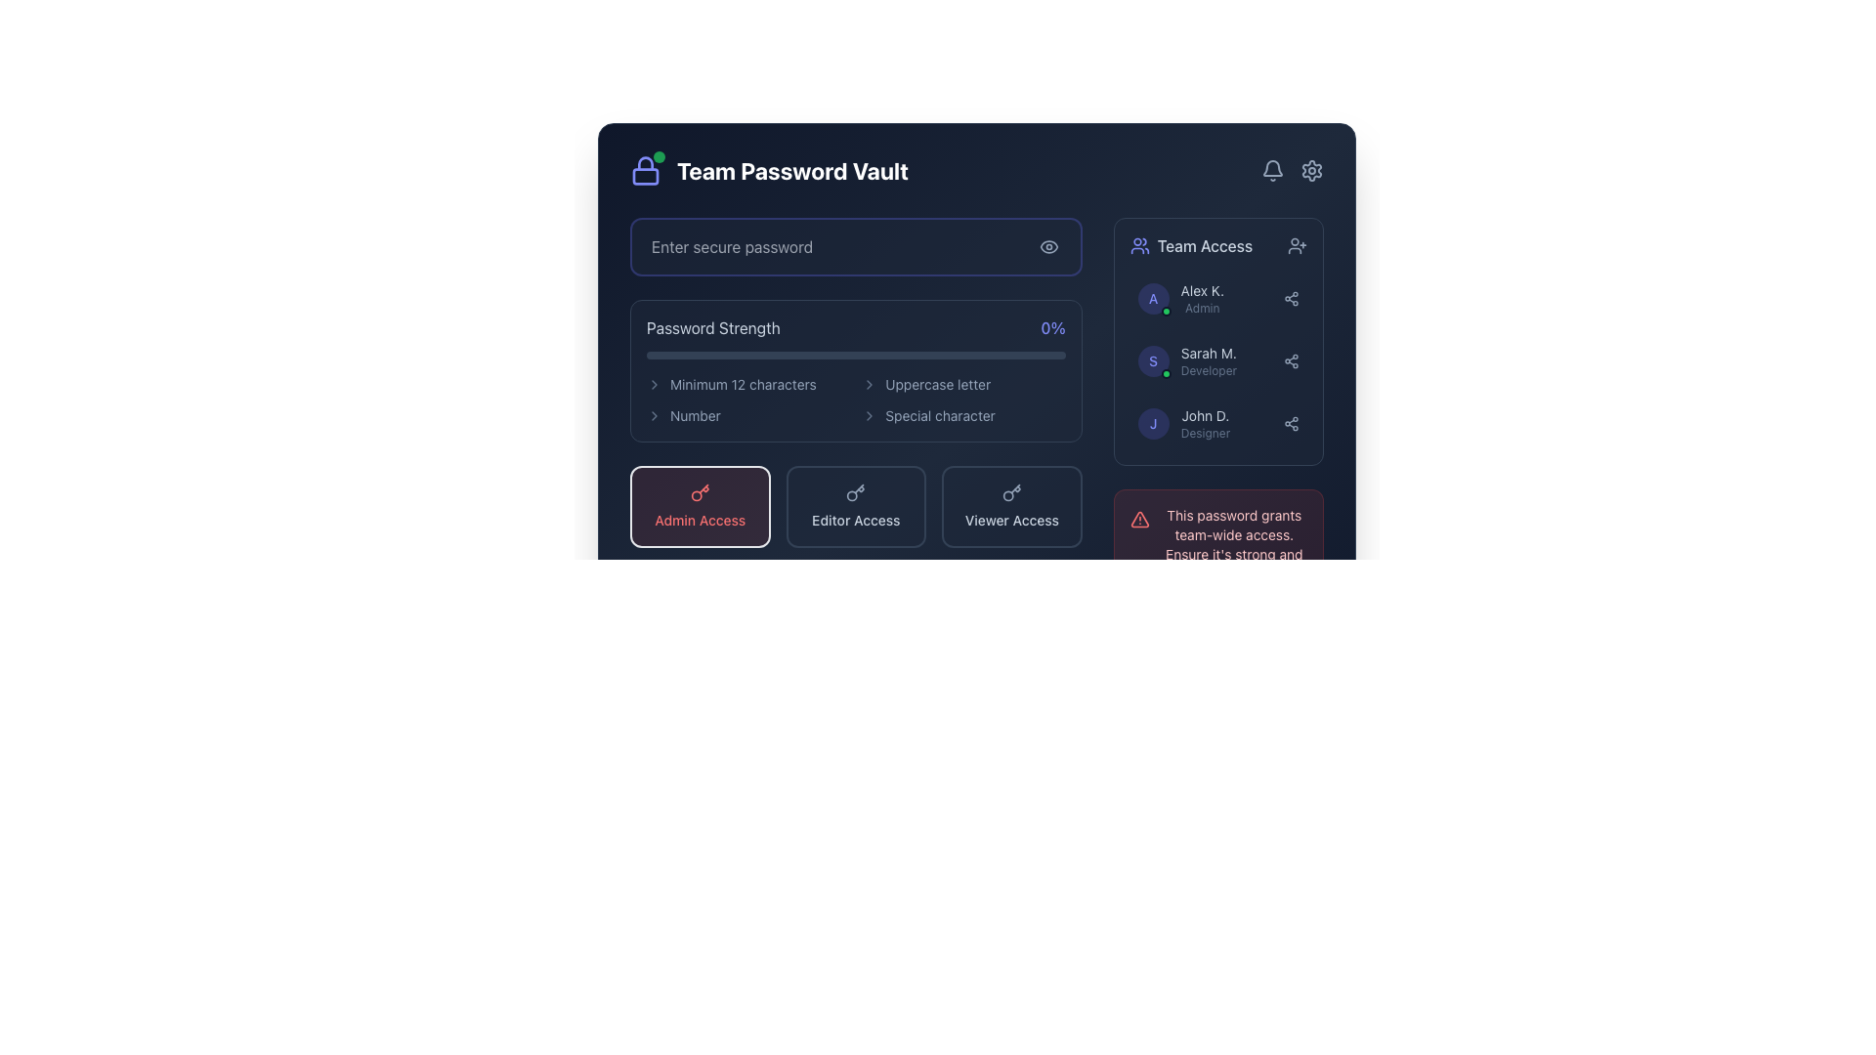 The image size is (1876, 1055). I want to click on the static text label displaying 'Number' in light gray font, located in the 'Password Strength' section beside a chevron icon, so click(695, 414).